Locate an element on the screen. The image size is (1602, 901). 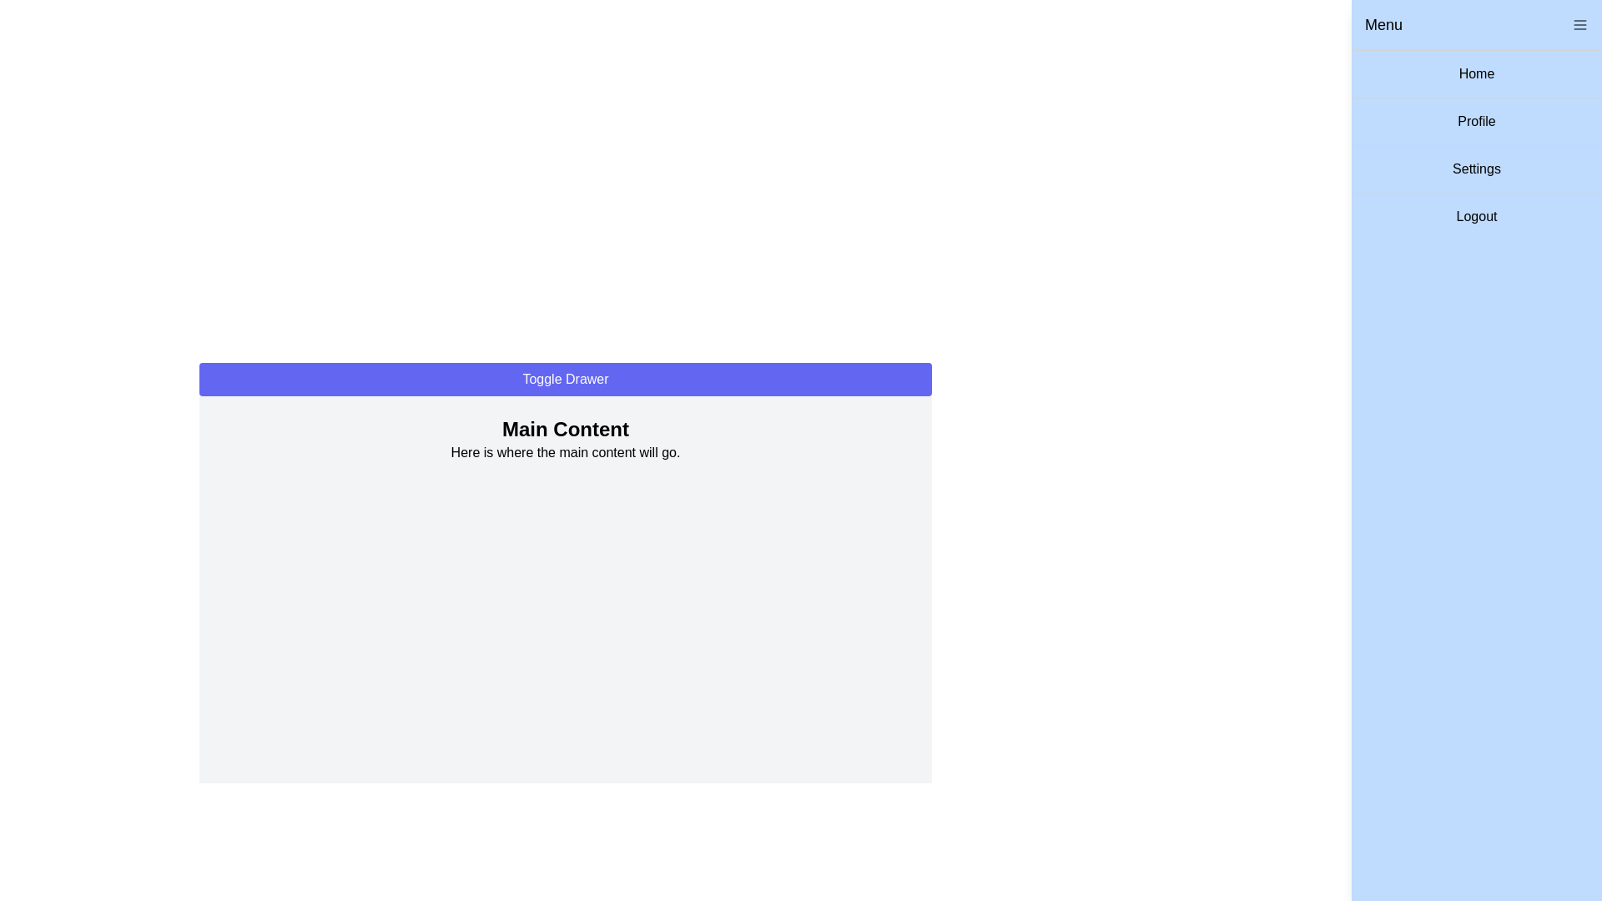
the text segment displaying 'Here is where the main content will go.' which is positioned directly below the 'Main Content' heading is located at coordinates (565, 453).